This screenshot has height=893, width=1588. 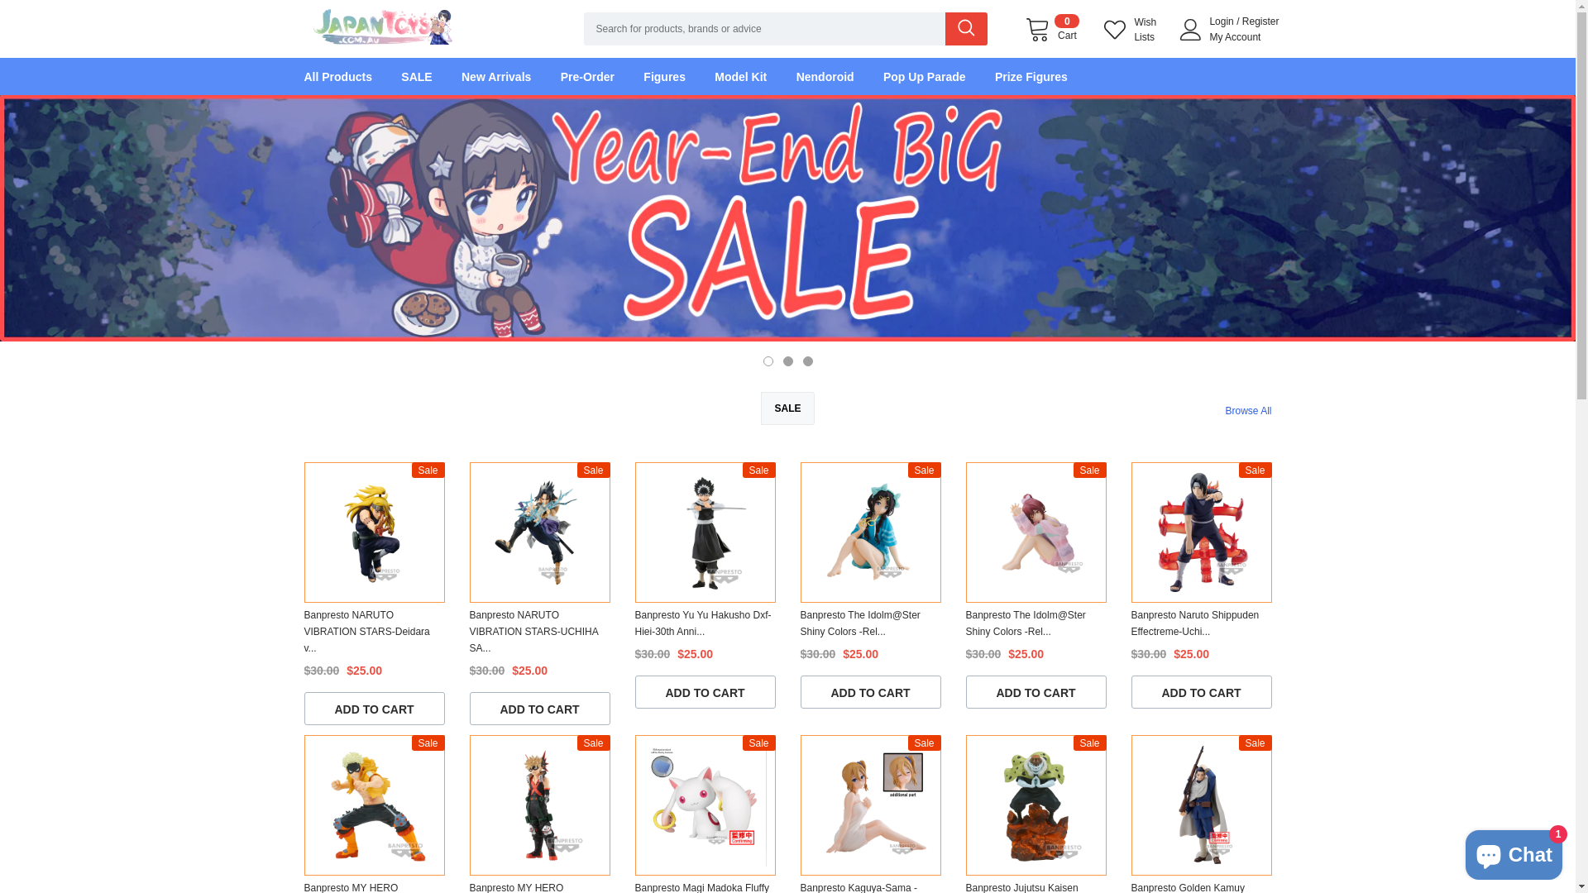 I want to click on 'Figures', so click(x=677, y=76).